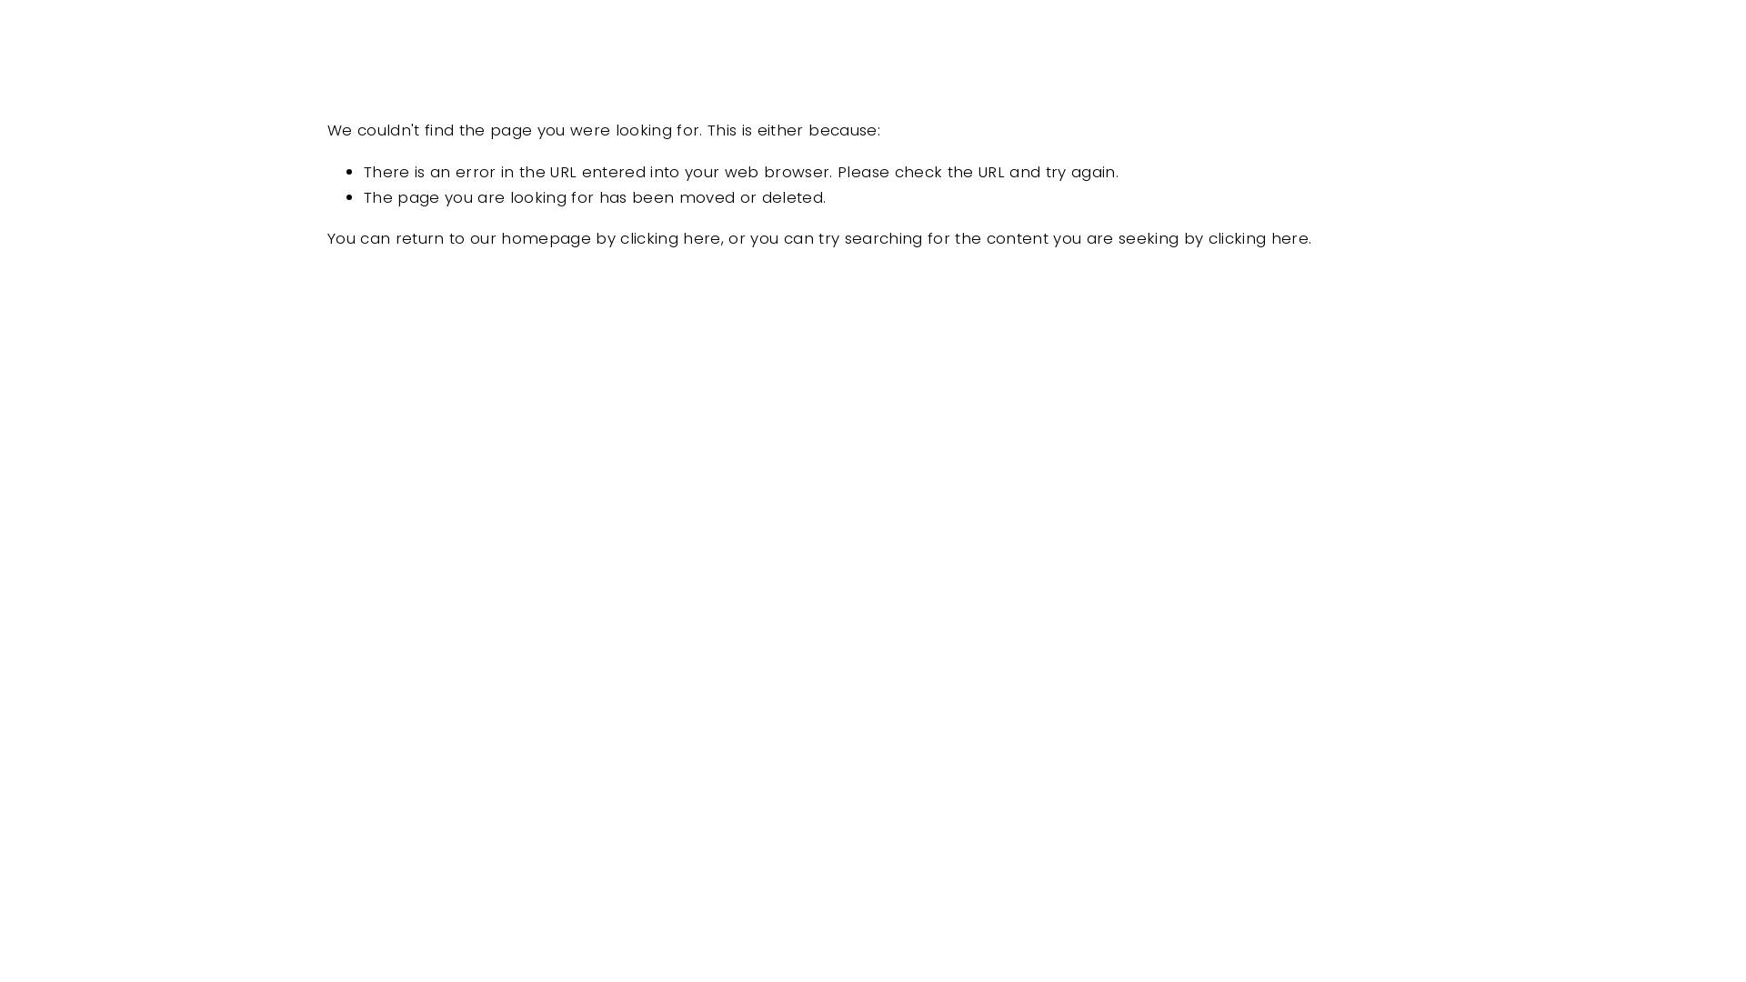  What do you see at coordinates (1209, 237) in the screenshot?
I see `'clicking here'` at bounding box center [1209, 237].